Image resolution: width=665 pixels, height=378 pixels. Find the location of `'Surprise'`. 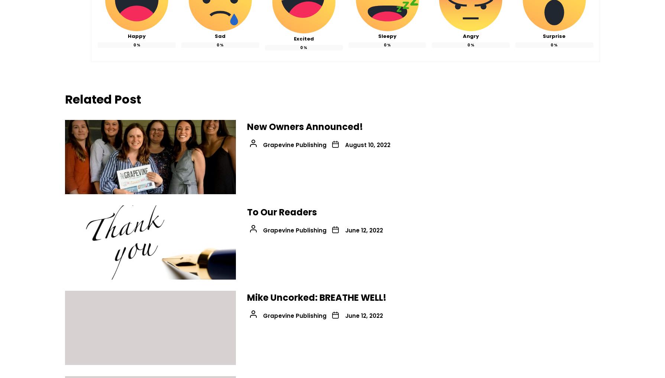

'Surprise' is located at coordinates (554, 36).